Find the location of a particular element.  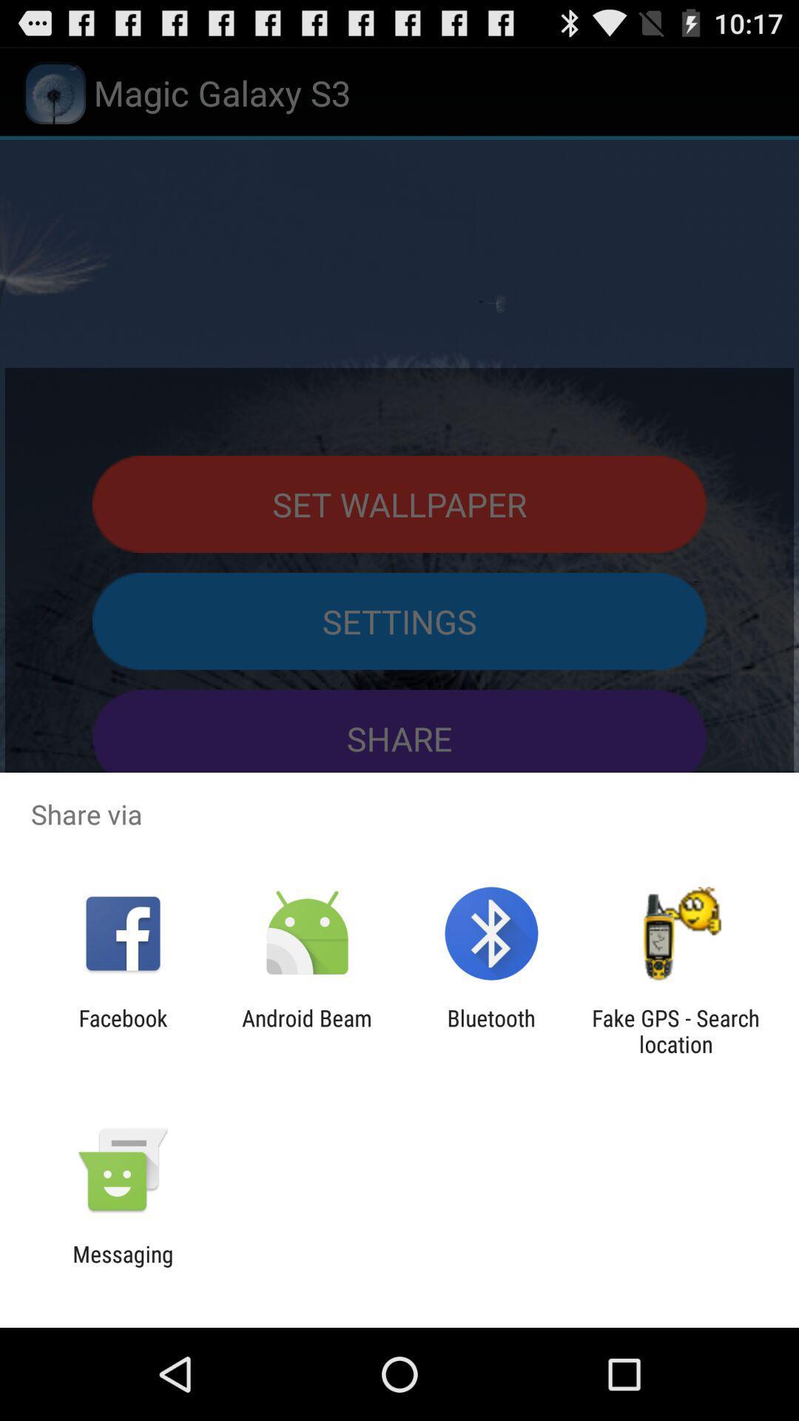

icon next to facebook app is located at coordinates (306, 1030).